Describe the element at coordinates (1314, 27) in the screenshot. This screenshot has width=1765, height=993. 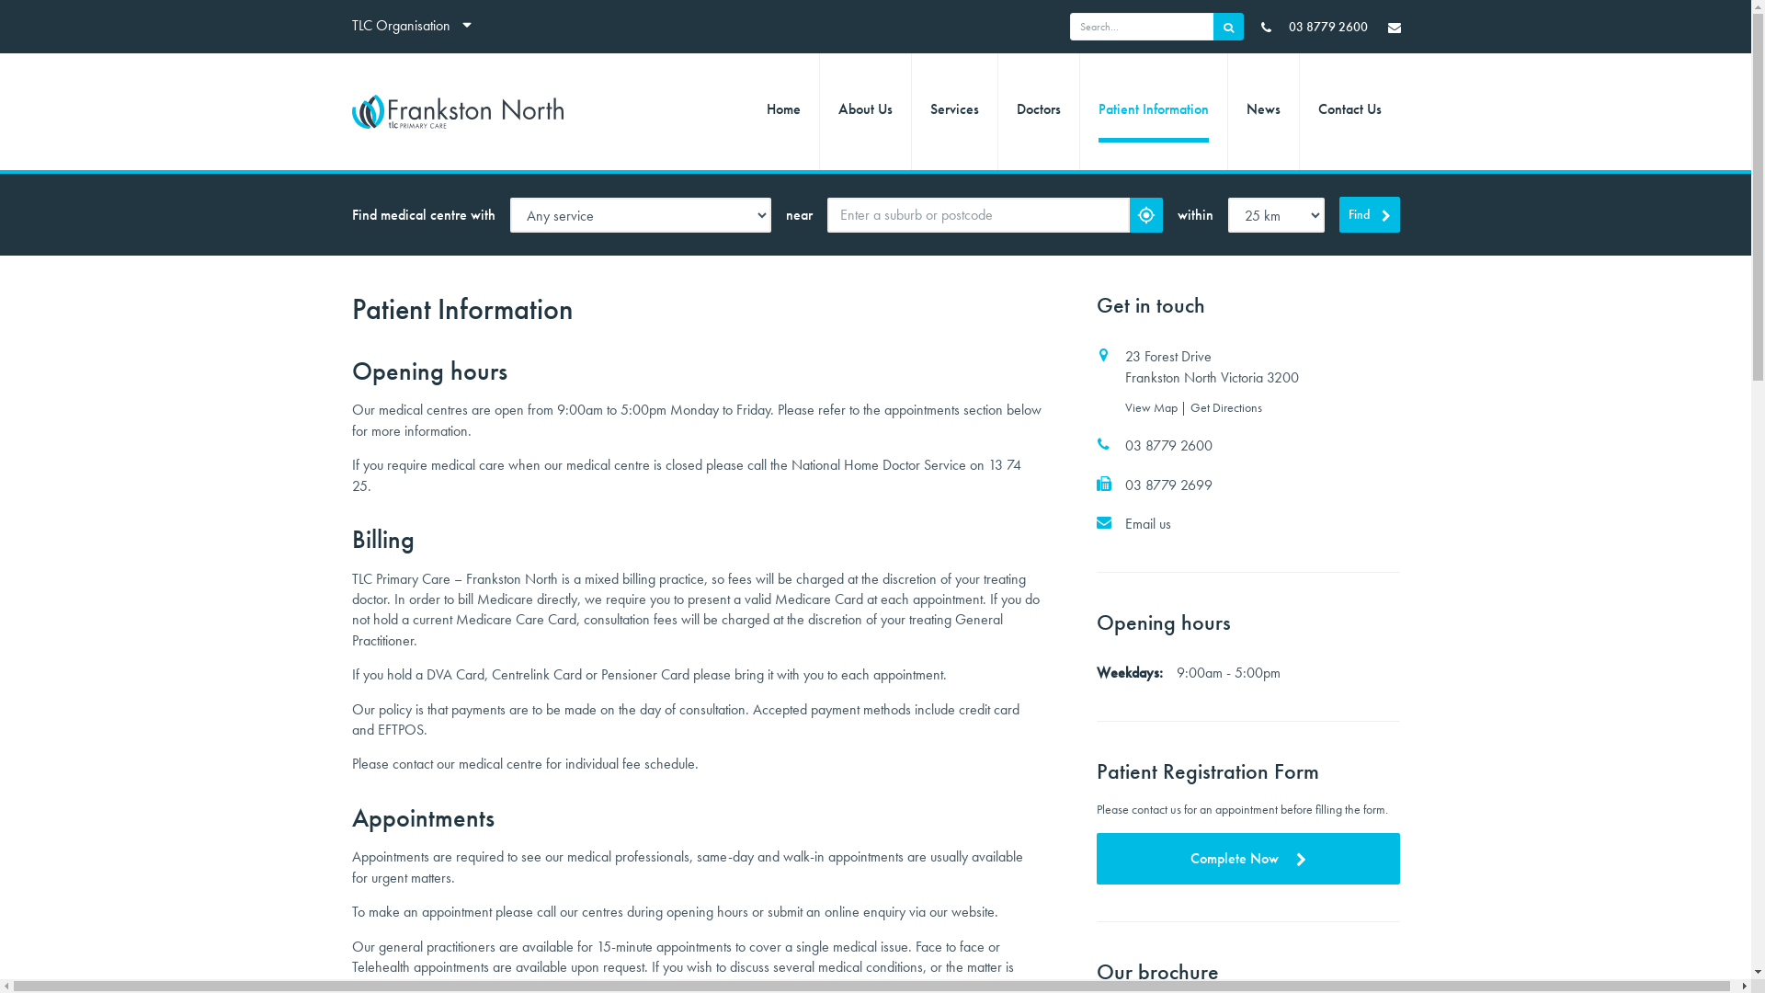
I see `' 03 8779 2600'` at that location.